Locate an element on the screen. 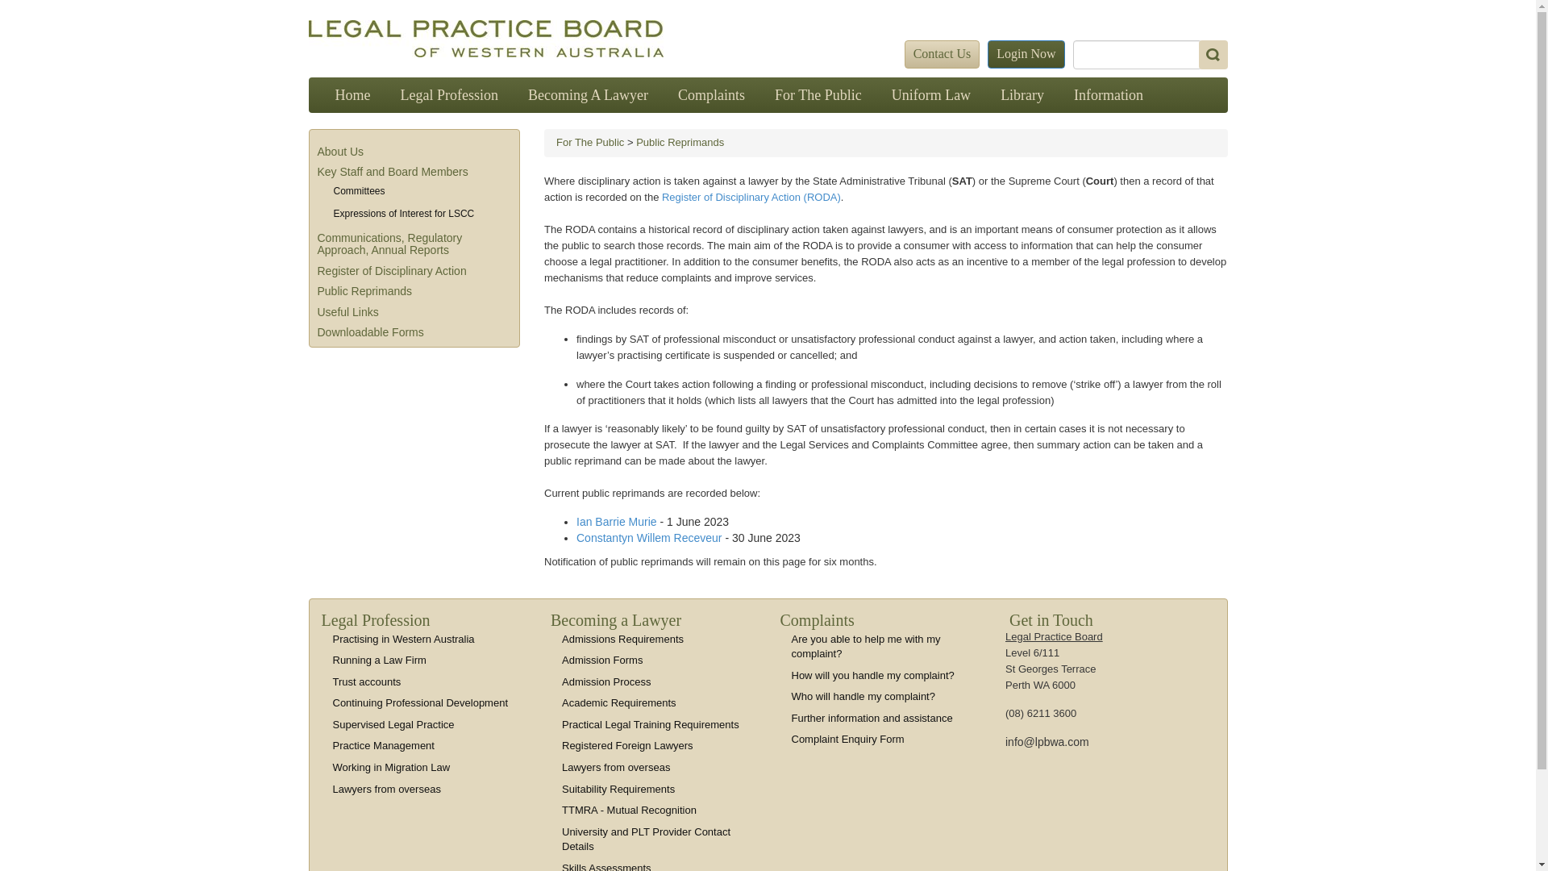 The width and height of the screenshot is (1548, 871). 'Continuing Professional Development' is located at coordinates (331, 702).